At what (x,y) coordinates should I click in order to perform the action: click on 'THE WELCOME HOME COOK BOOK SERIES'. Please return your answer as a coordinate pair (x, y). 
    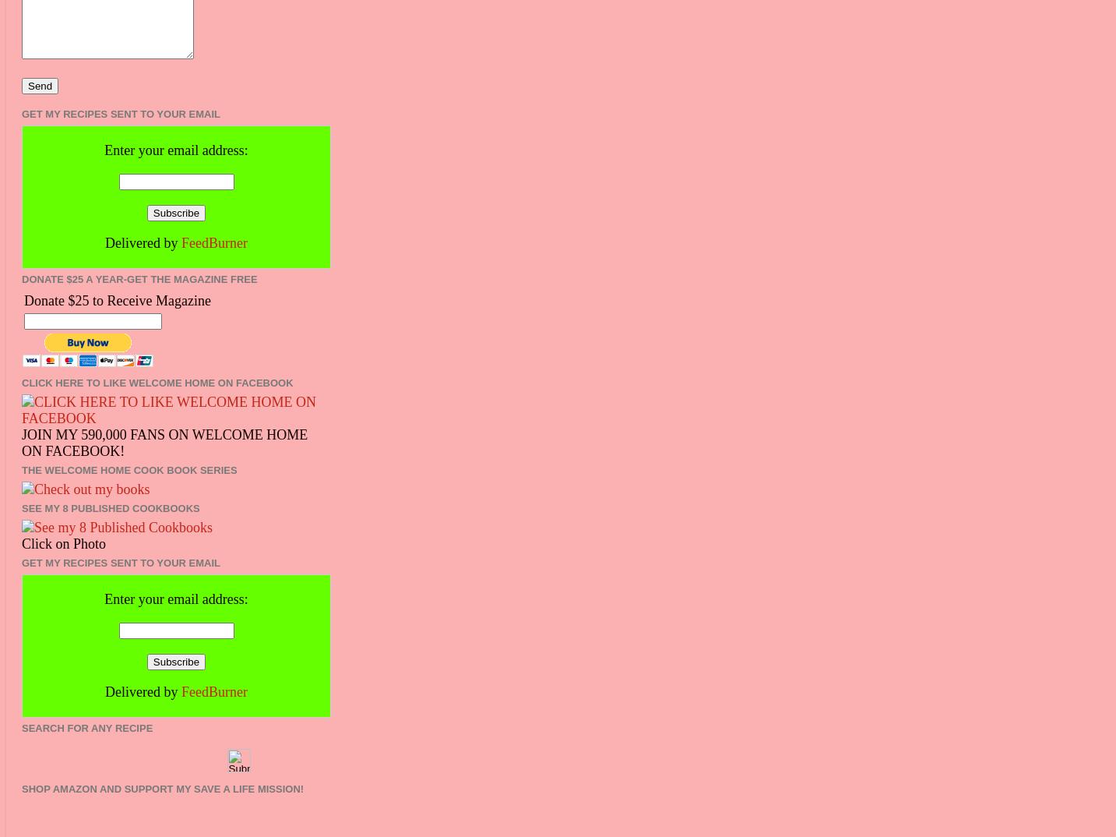
    Looking at the image, I should click on (20, 470).